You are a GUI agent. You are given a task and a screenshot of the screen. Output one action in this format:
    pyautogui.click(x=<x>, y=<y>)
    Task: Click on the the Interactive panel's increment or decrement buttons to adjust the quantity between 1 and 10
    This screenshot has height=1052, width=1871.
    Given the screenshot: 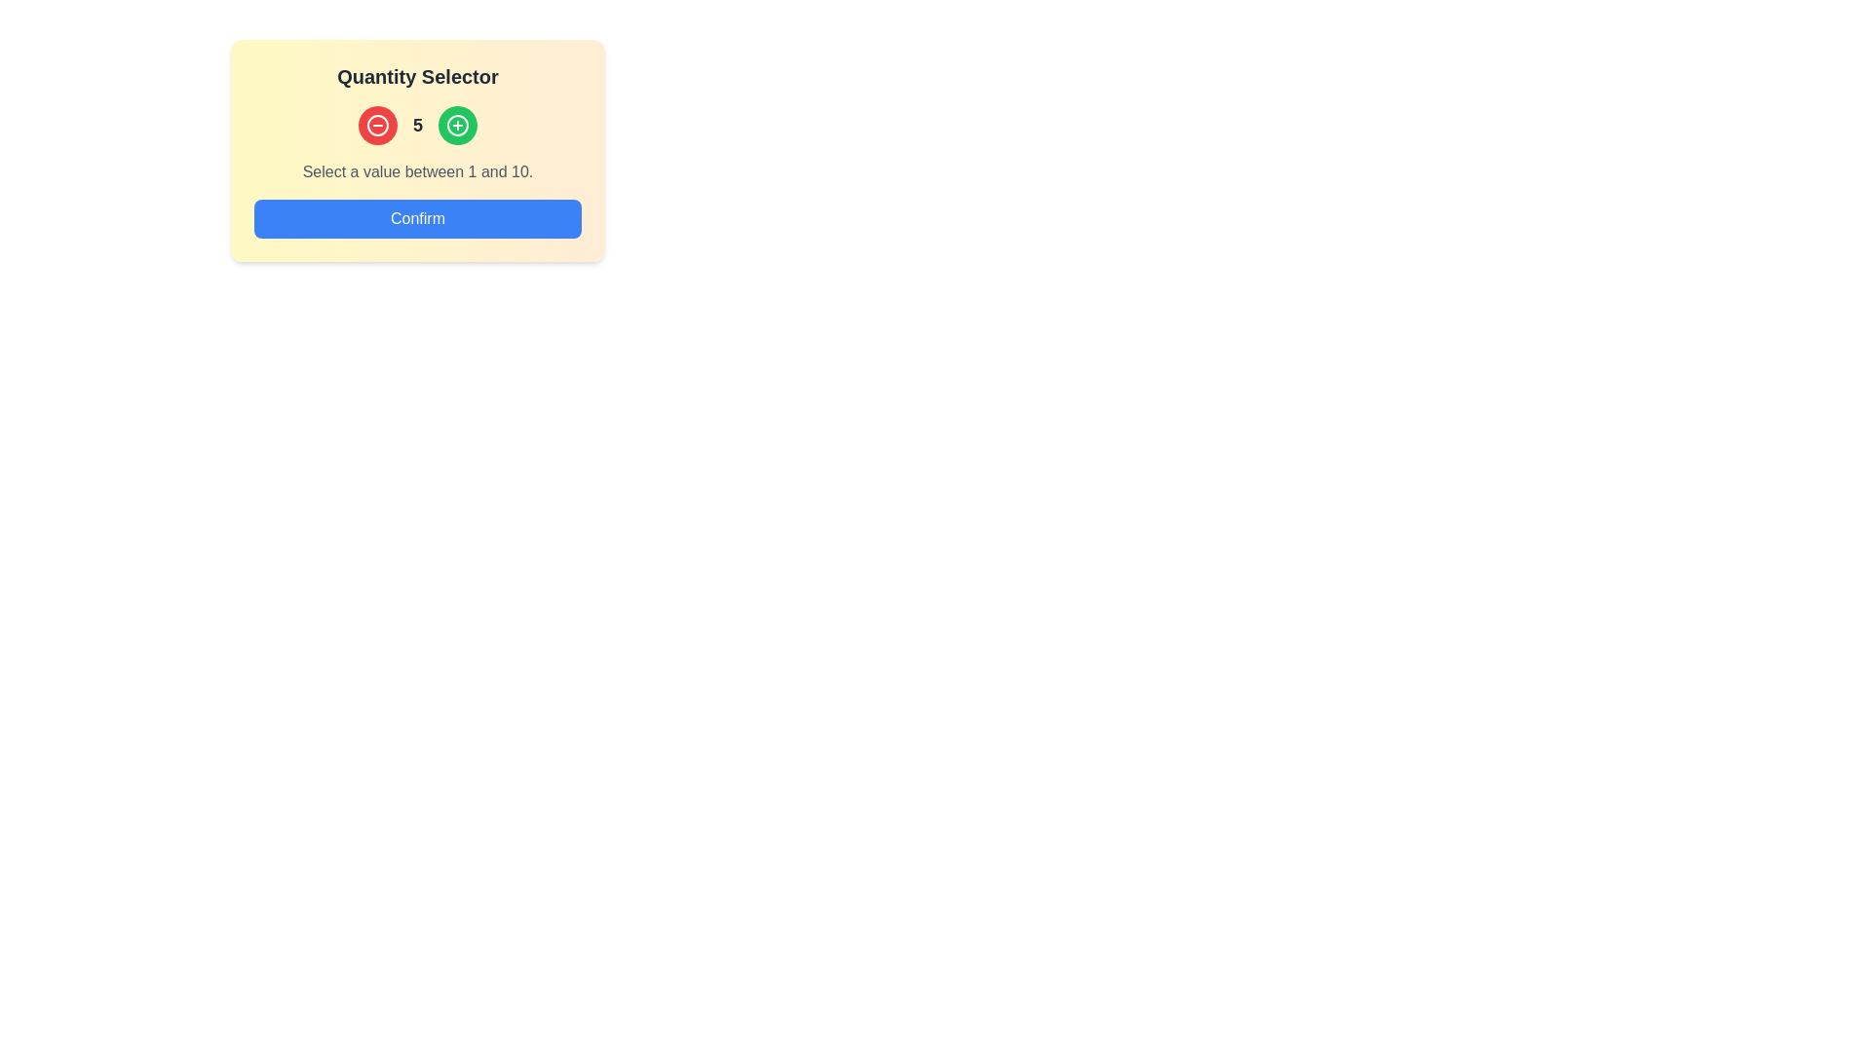 What is the action you would take?
    pyautogui.click(x=416, y=149)
    